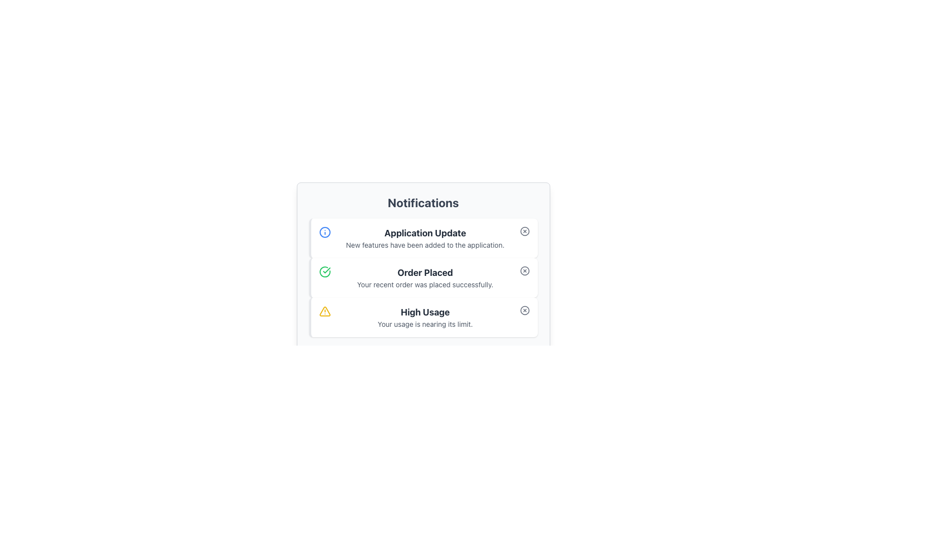 The height and width of the screenshot is (534, 950). Describe the element at coordinates (425, 245) in the screenshot. I see `the Text Label that provides details about the 'Application Update' notification, located directly underneath the 'Application Update' title within a notification card` at that location.